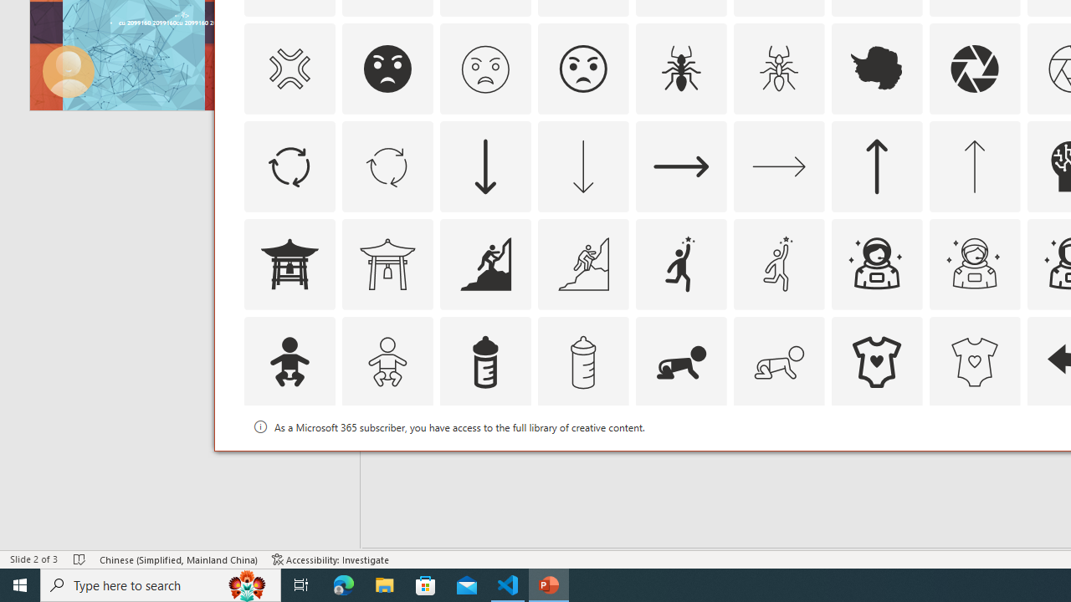 The image size is (1071, 602). I want to click on 'AutomationID: Icons_ArrowDown_M', so click(582, 166).